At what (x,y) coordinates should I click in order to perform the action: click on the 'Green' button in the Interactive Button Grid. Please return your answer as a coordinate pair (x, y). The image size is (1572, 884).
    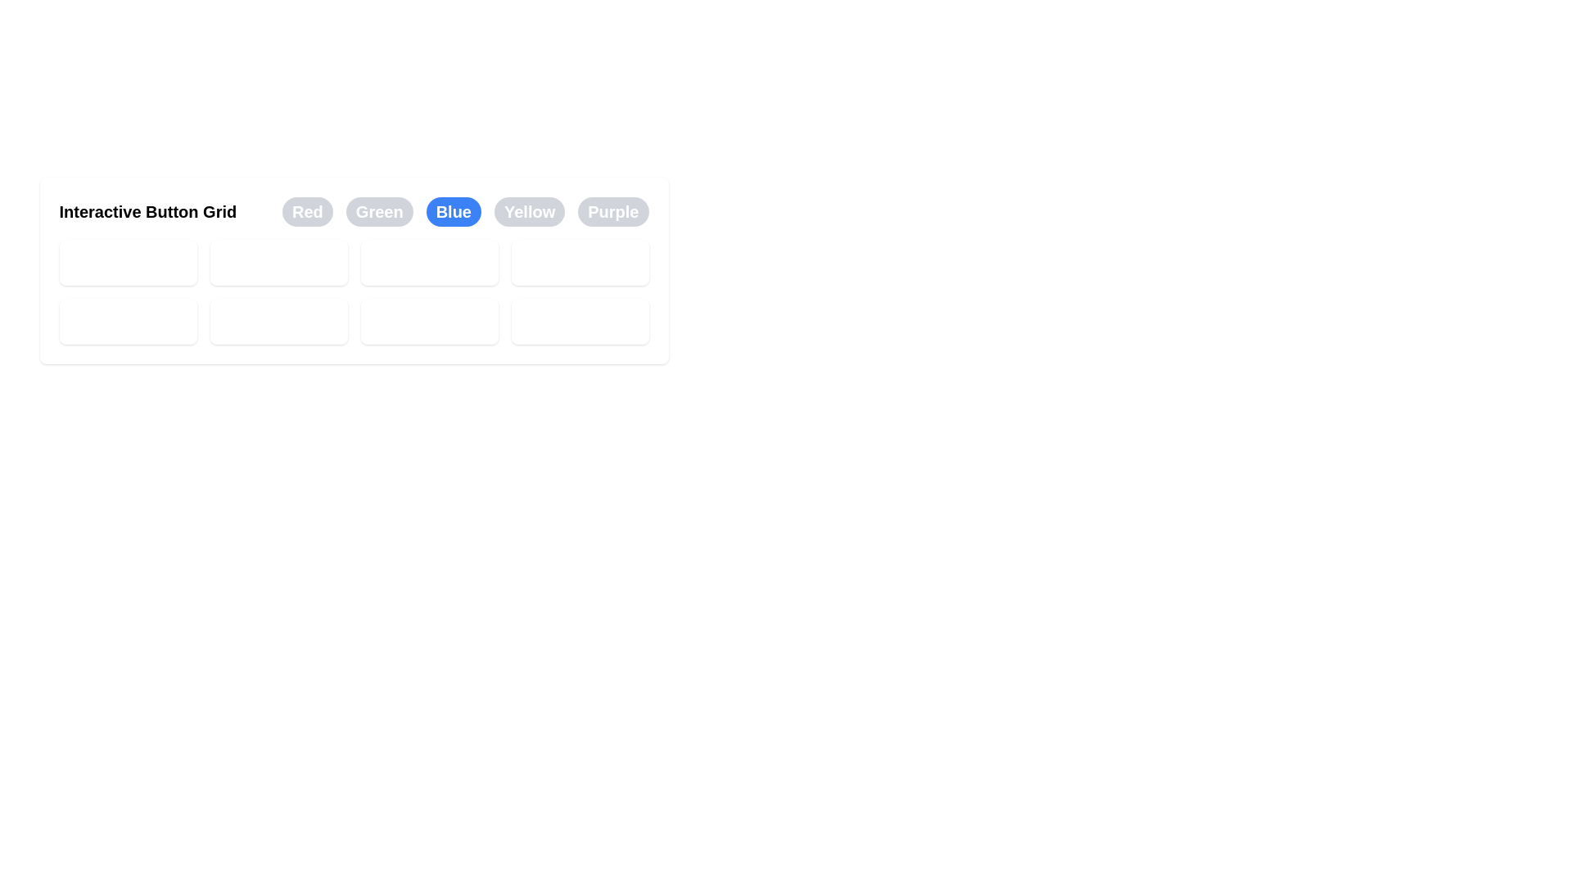
    Looking at the image, I should click on (378, 210).